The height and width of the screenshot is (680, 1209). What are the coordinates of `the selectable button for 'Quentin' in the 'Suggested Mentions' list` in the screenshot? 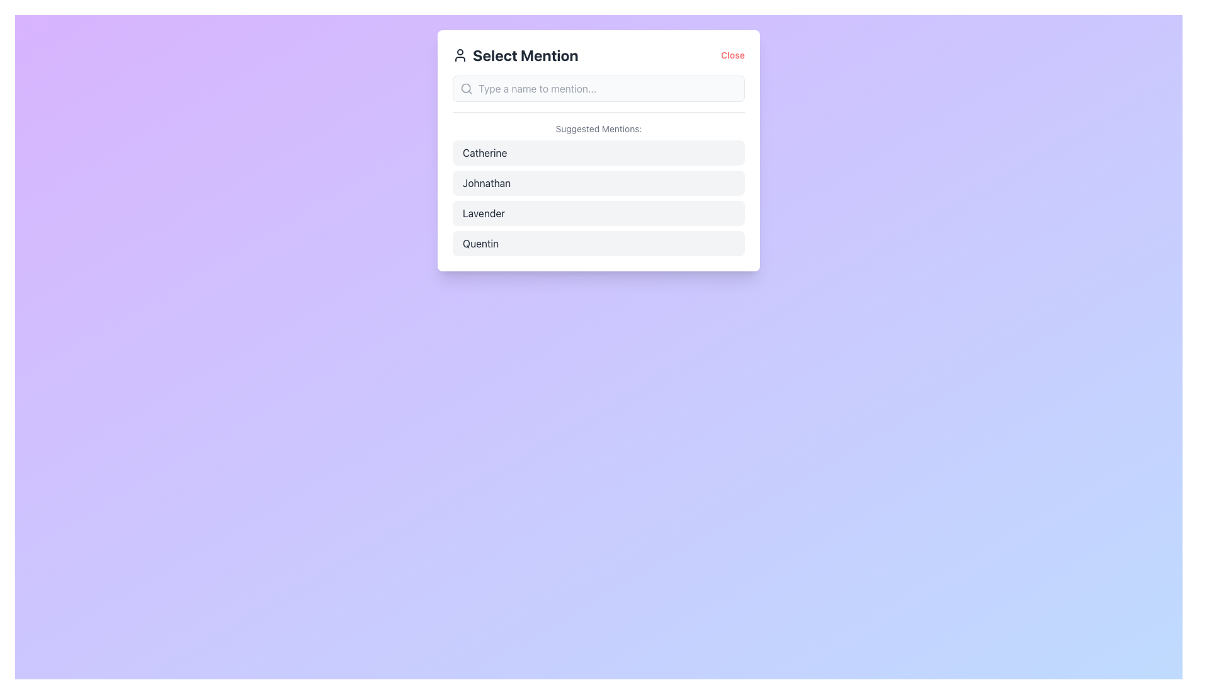 It's located at (598, 243).